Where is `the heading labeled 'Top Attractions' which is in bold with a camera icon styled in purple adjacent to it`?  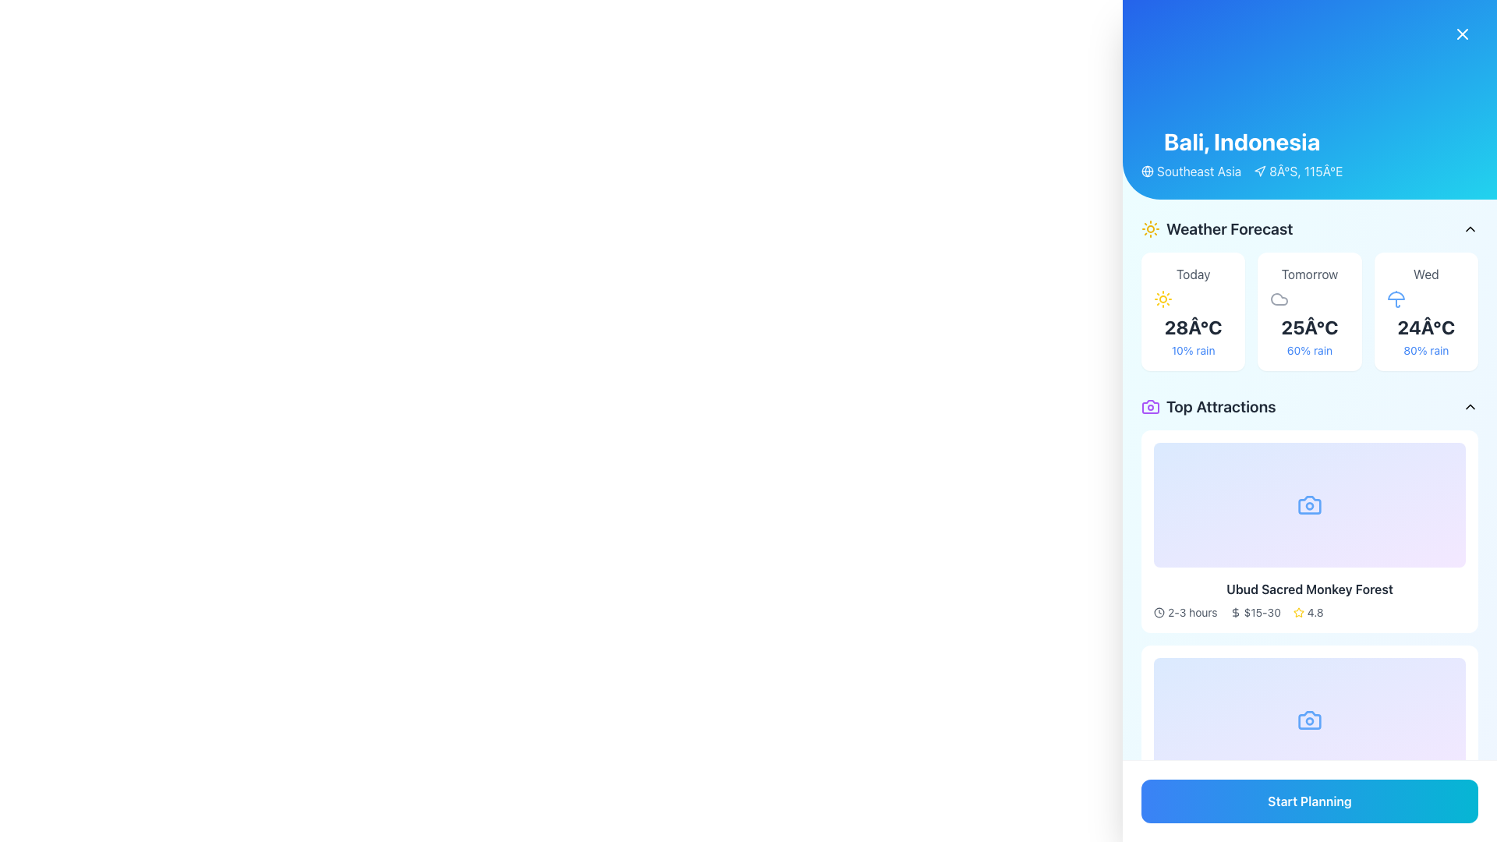 the heading labeled 'Top Attractions' which is in bold with a camera icon styled in purple adjacent to it is located at coordinates (1208, 405).